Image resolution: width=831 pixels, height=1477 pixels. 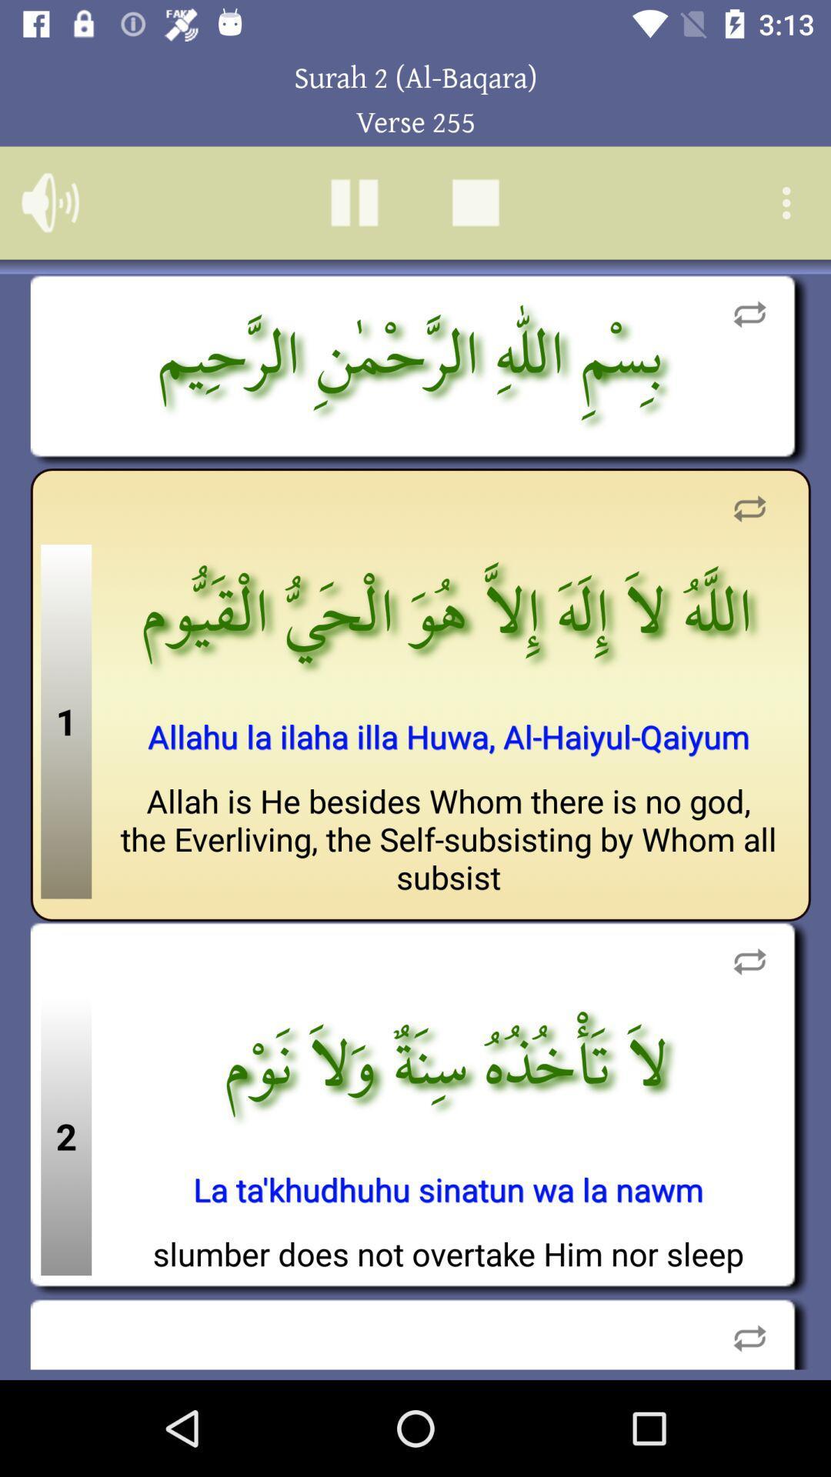 I want to click on refresh, so click(x=749, y=961).